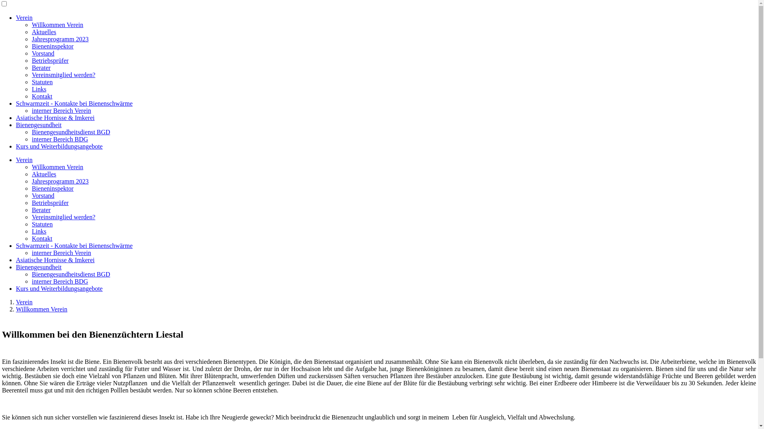 Image resolution: width=764 pixels, height=429 pixels. What do you see at coordinates (38, 89) in the screenshot?
I see `'Links'` at bounding box center [38, 89].